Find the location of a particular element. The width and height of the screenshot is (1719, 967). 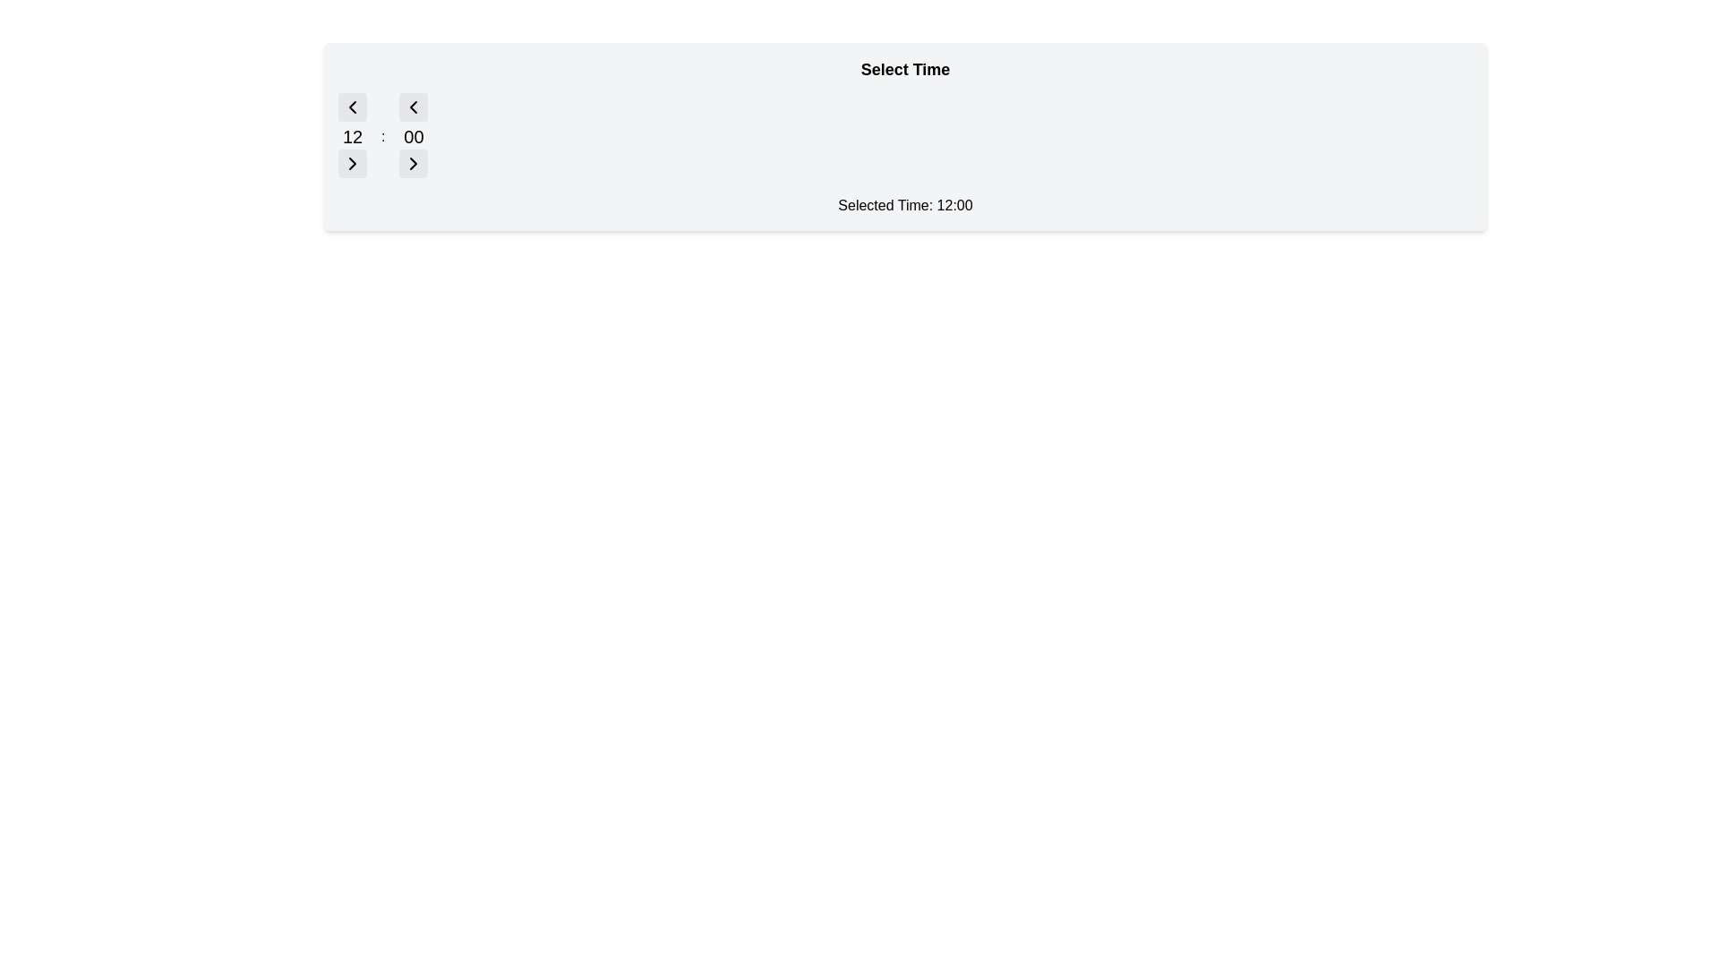

the Text Label displaying the number '12' in bold text, which is centrally aligned within the time-selection widget located in the top-left section of the interface is located at coordinates (352, 136).